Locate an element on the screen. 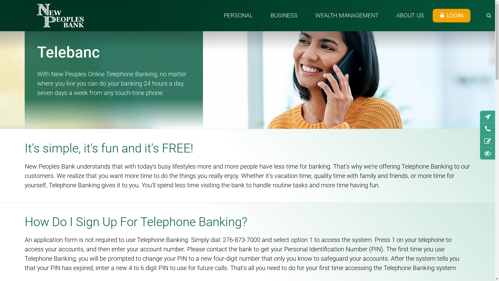 The width and height of the screenshot is (499, 281). 'Contact Us' is located at coordinates (487, 129).